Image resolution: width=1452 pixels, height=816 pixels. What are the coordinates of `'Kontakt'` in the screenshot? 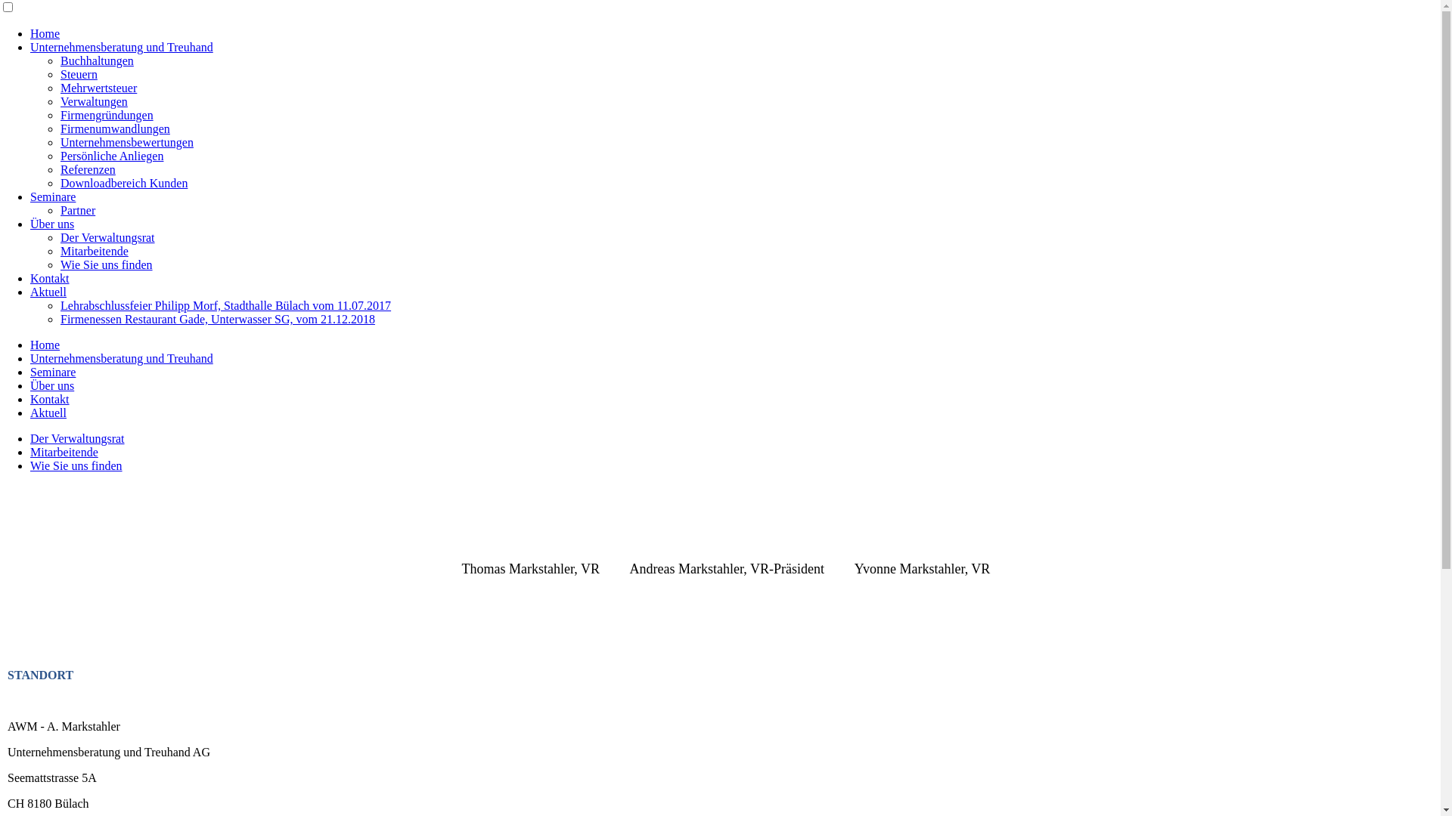 It's located at (50, 278).